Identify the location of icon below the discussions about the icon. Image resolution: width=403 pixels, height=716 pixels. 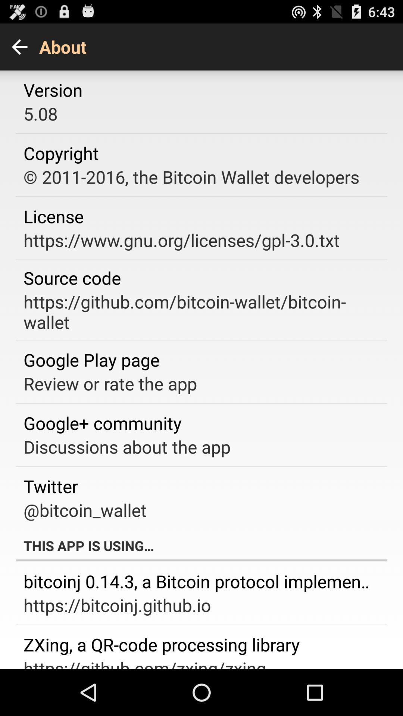
(50, 486).